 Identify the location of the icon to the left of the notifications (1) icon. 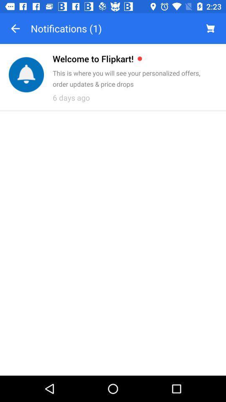
(15, 28).